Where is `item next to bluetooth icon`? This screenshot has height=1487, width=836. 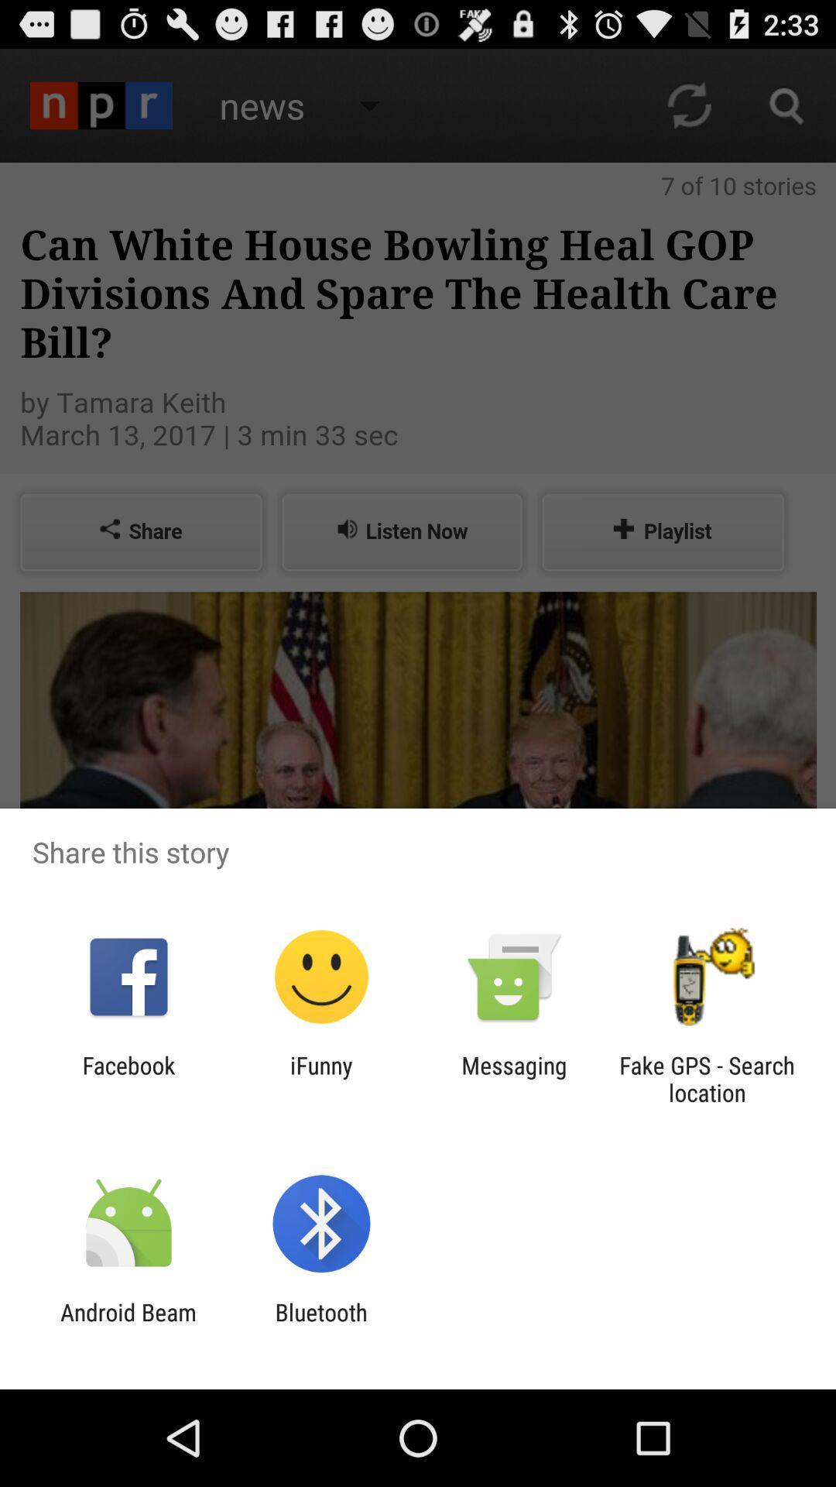 item next to bluetooth icon is located at coordinates (128, 1325).